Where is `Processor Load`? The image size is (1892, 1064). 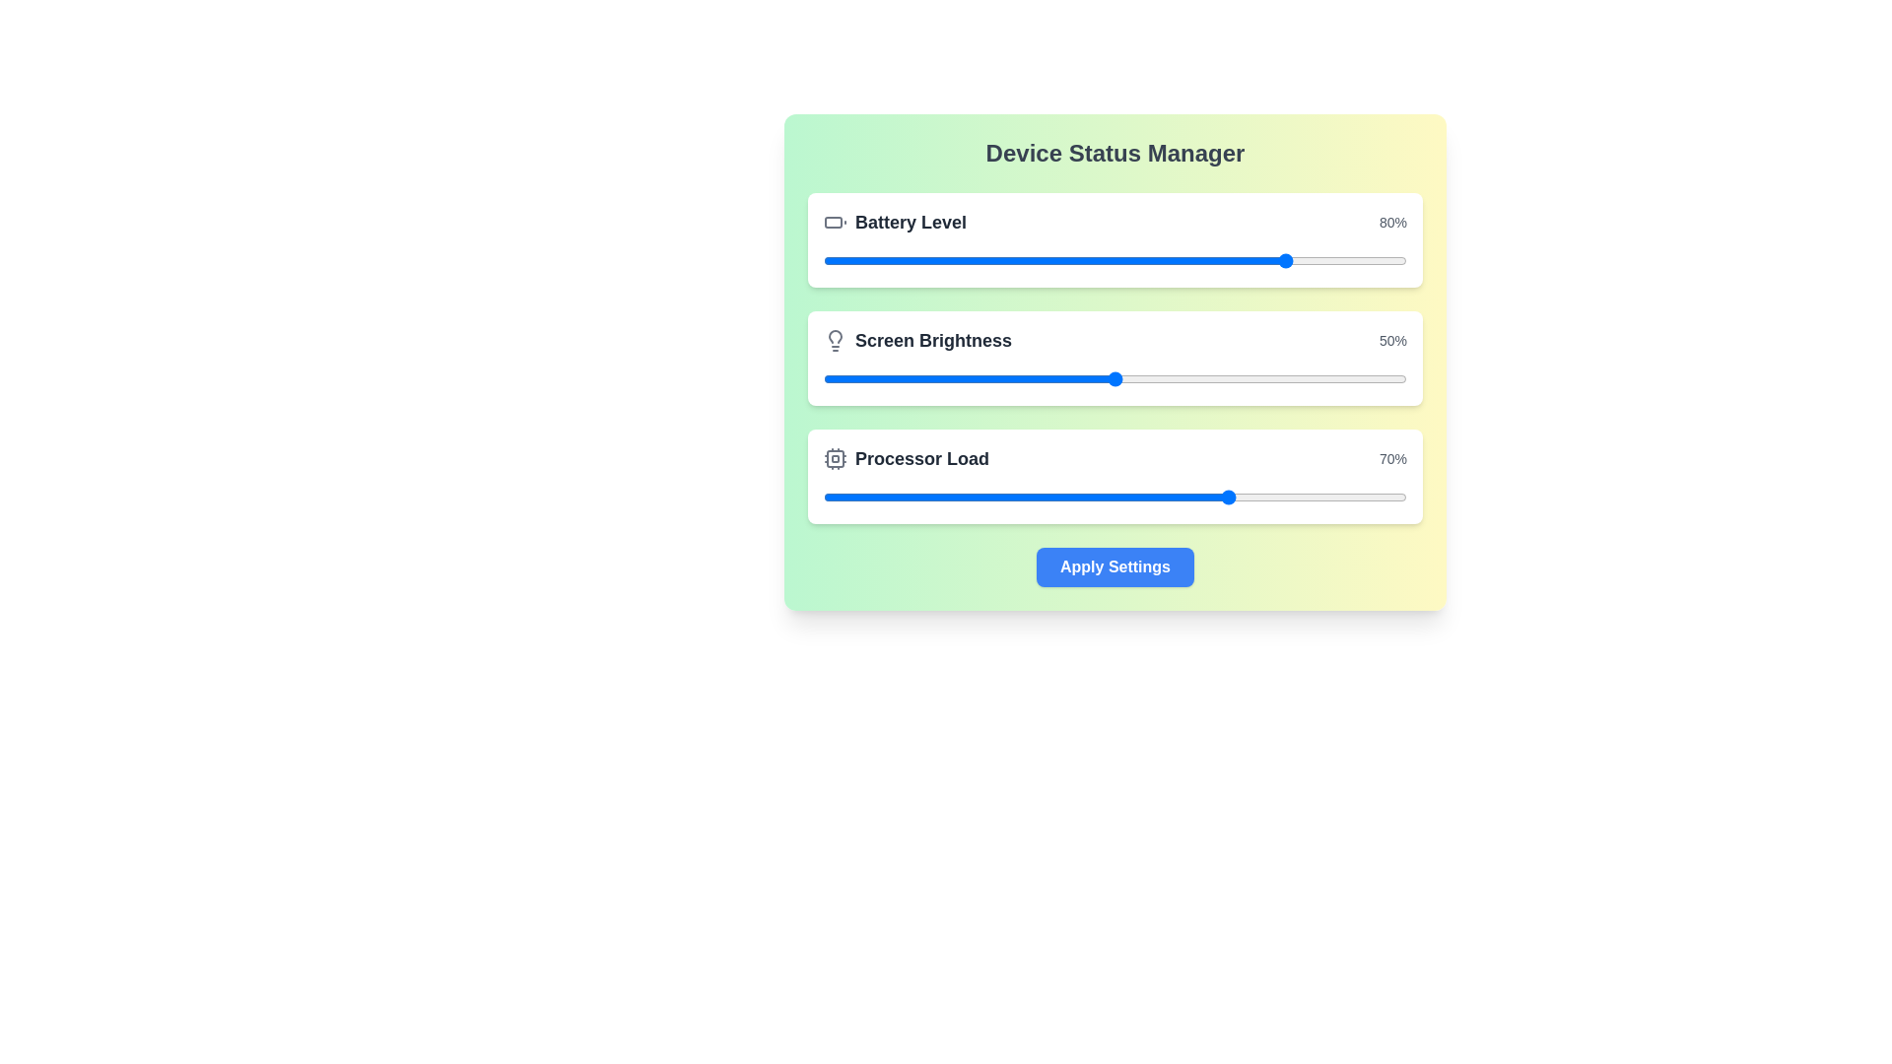 Processor Load is located at coordinates (1365, 497).